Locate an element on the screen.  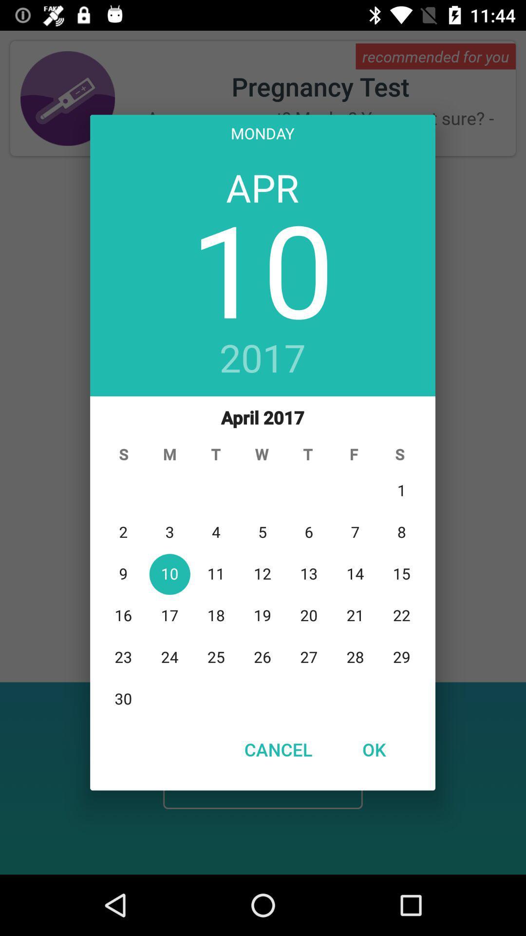
cancel button is located at coordinates (278, 749).